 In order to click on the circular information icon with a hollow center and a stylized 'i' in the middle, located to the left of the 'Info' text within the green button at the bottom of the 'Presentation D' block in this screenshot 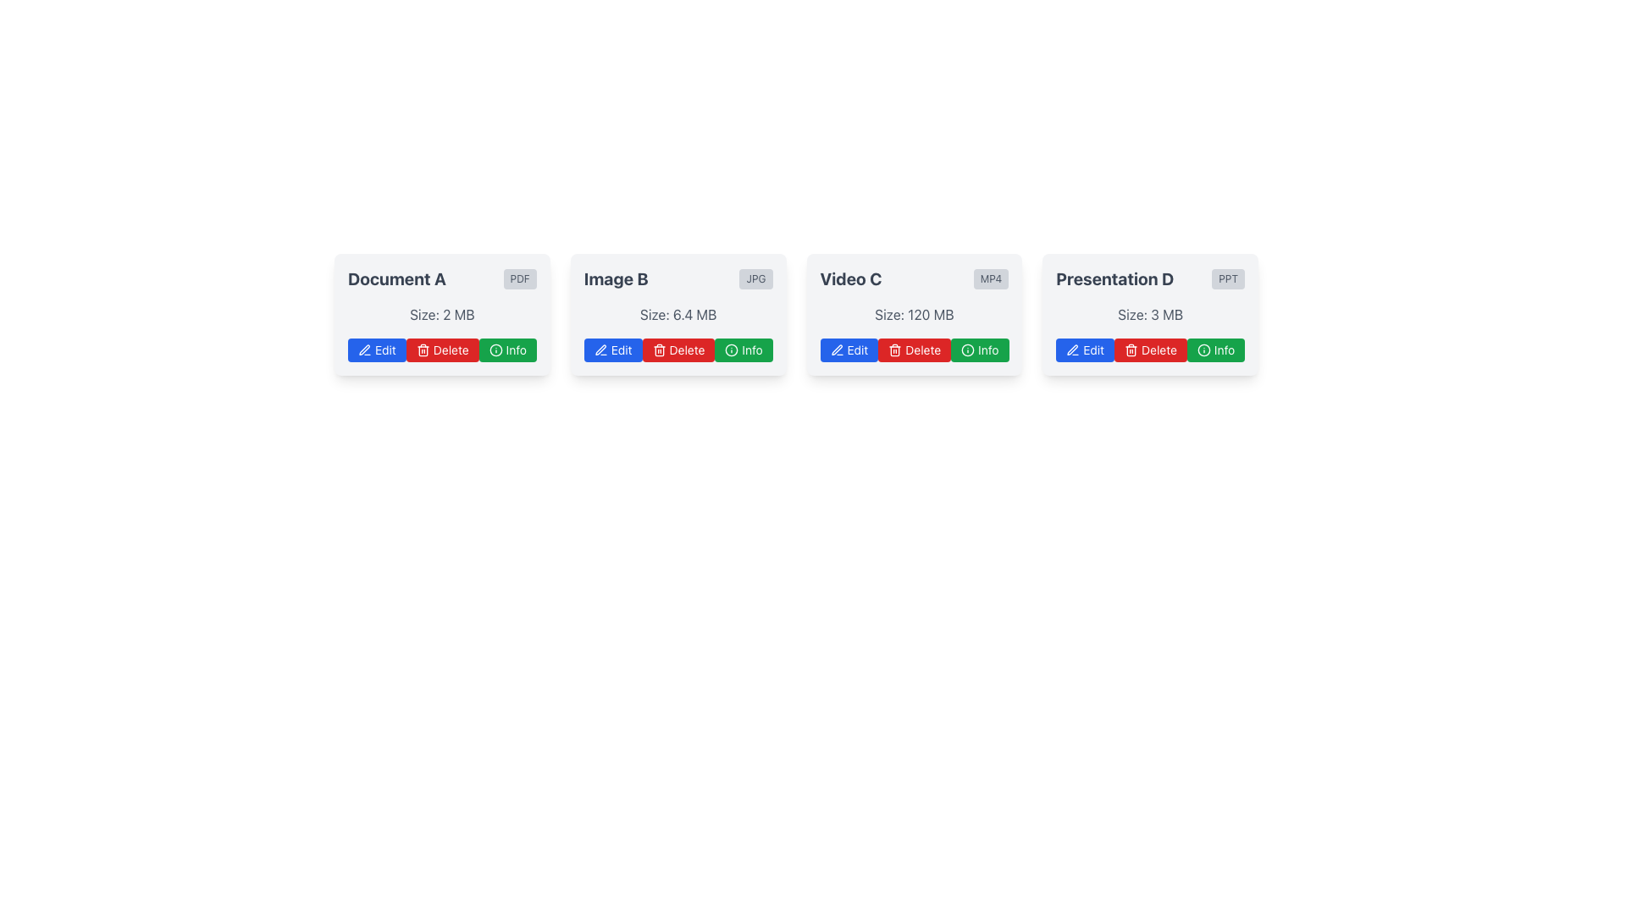, I will do `click(1203, 349)`.